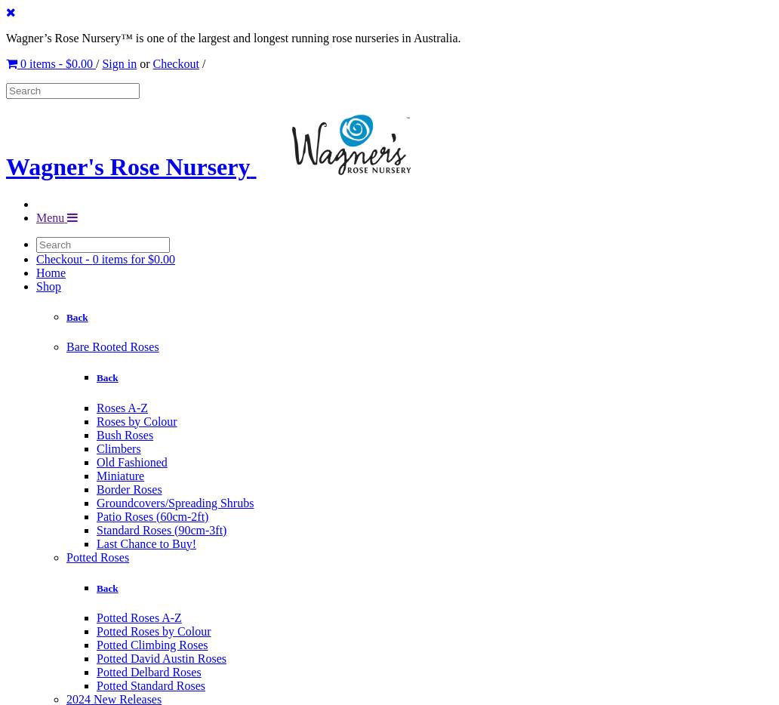  Describe the element at coordinates (145, 543) in the screenshot. I see `'Last Chance to Buy!'` at that location.